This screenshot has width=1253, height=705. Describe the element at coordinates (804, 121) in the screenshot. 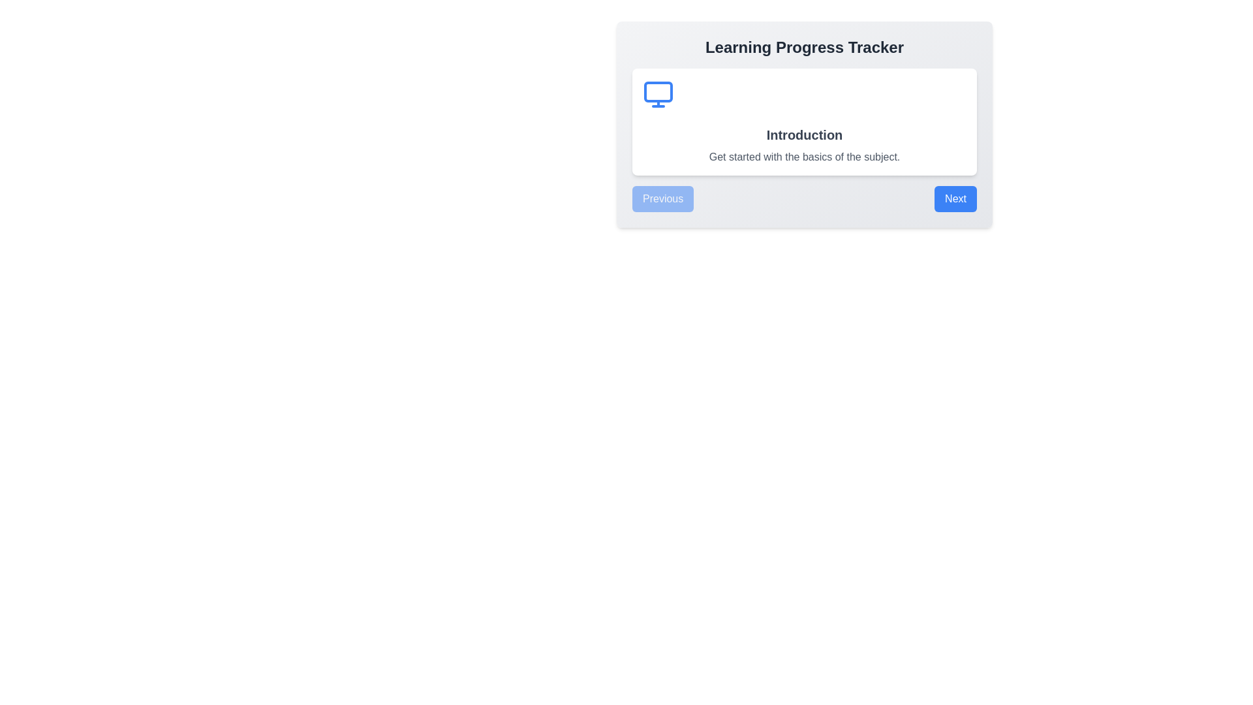

I see `information contained within the informational card located centrally beneath the 'Learning Progress Tracker' title` at that location.